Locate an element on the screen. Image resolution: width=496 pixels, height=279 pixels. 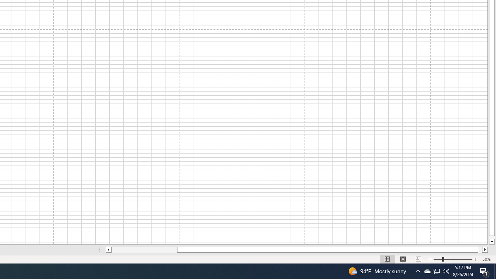
'Zoom' is located at coordinates (453, 259).